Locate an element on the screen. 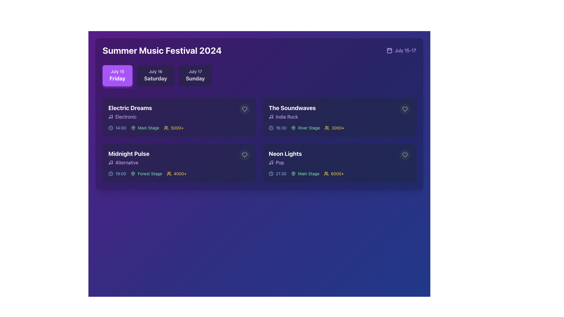 The image size is (564, 317). the text label 'Electric Dreams', which is the title of the music event located in the upper left corner of the Friday schedule section is located at coordinates (130, 108).